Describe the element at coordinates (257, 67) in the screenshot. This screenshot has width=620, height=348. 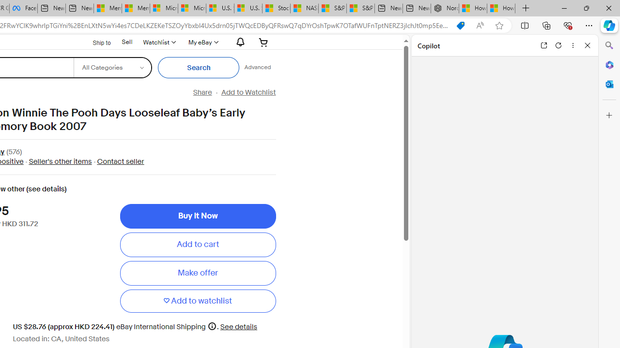
I see `'Advanced Search'` at that location.